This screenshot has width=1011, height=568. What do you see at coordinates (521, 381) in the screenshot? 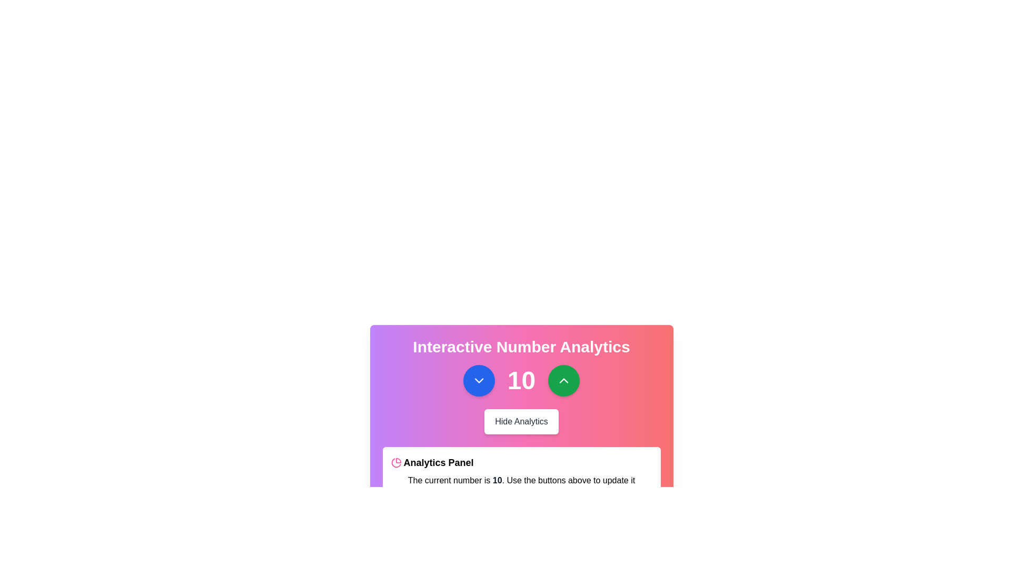
I see `the central large number '10' in the Composite Interactive Element` at bounding box center [521, 381].